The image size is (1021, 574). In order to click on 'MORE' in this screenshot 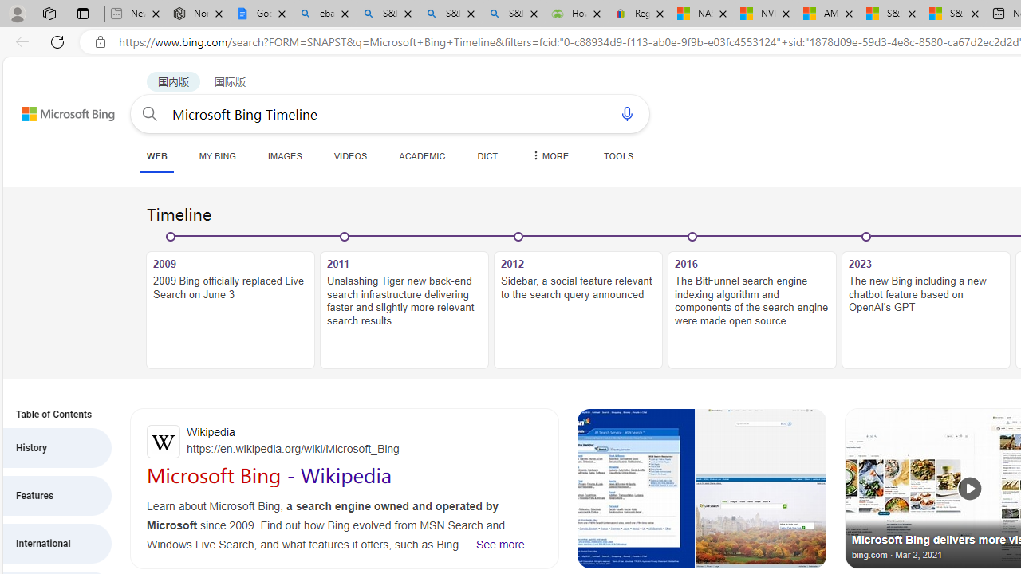, I will do `click(549, 155)`.